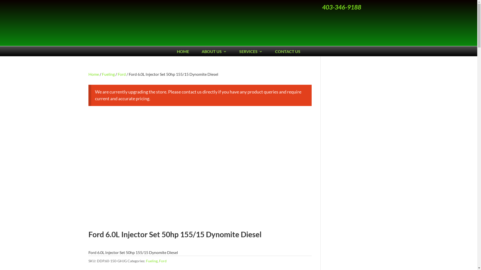  Describe the element at coordinates (93, 74) in the screenshot. I see `'Home'` at that location.